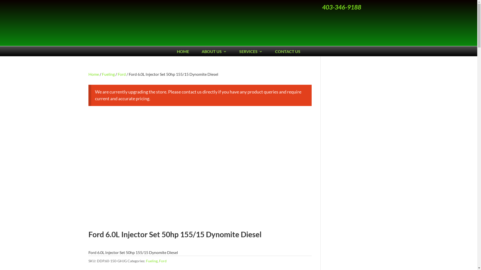  Describe the element at coordinates (93, 74) in the screenshot. I see `'Home'` at that location.